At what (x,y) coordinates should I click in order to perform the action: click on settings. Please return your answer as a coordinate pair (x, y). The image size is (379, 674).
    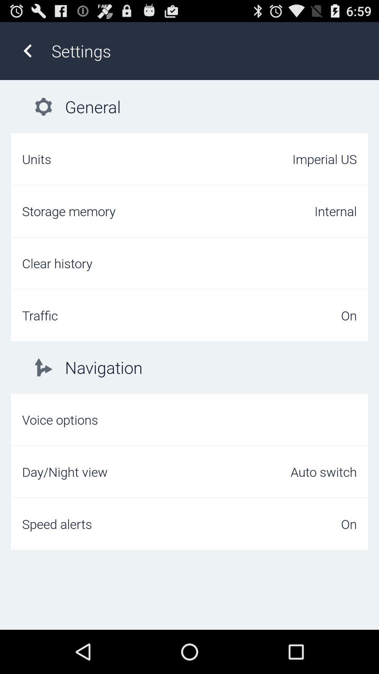
    Looking at the image, I should click on (207, 51).